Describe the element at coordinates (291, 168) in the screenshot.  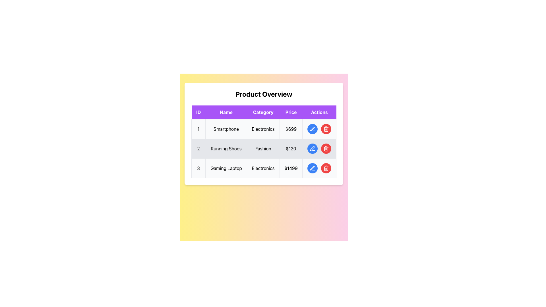
I see `the price label displaying '$1499' which is right-aligned in the row for the gaming laptop product in the Price column` at that location.